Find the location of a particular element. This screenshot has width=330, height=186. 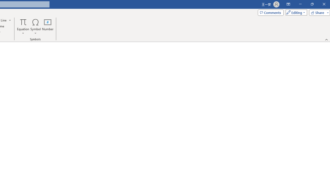

'Editing' is located at coordinates (295, 12).